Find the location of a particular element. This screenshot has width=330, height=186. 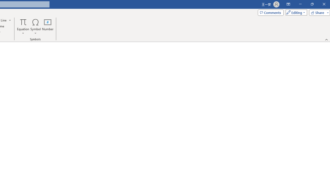

'Editing' is located at coordinates (295, 12).